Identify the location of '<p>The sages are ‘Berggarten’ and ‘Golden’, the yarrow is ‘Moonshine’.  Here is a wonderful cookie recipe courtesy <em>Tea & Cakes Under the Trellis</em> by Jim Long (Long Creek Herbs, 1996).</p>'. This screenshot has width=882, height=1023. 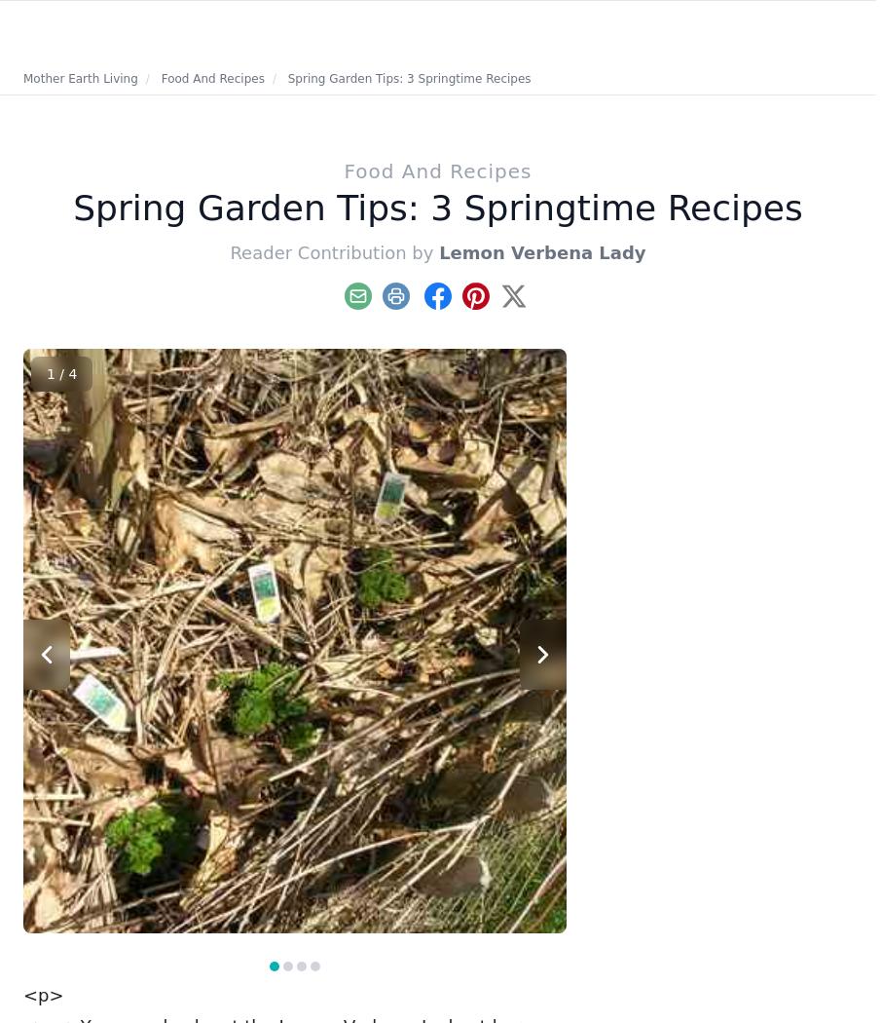
(290, 940).